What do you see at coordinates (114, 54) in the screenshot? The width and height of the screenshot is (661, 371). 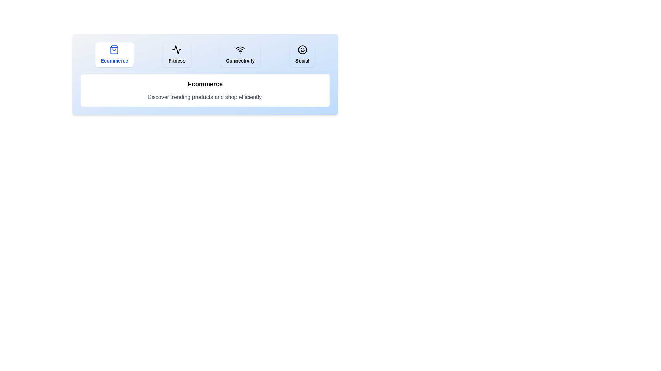 I see `the Ecommerce tab to navigate to its content` at bounding box center [114, 54].